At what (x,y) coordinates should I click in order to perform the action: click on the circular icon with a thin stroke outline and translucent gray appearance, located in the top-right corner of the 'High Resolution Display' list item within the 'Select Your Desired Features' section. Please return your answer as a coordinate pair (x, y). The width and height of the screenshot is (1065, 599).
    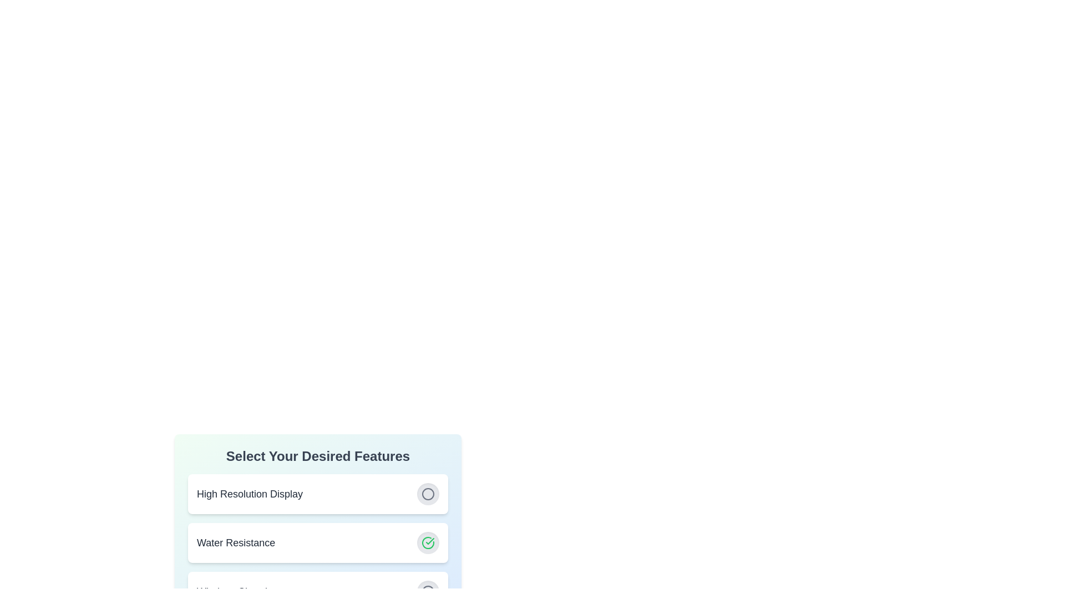
    Looking at the image, I should click on (428, 494).